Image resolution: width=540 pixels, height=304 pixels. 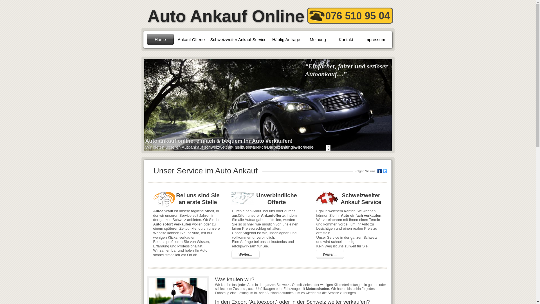 What do you see at coordinates (374, 39) in the screenshot?
I see `'Impressum'` at bounding box center [374, 39].